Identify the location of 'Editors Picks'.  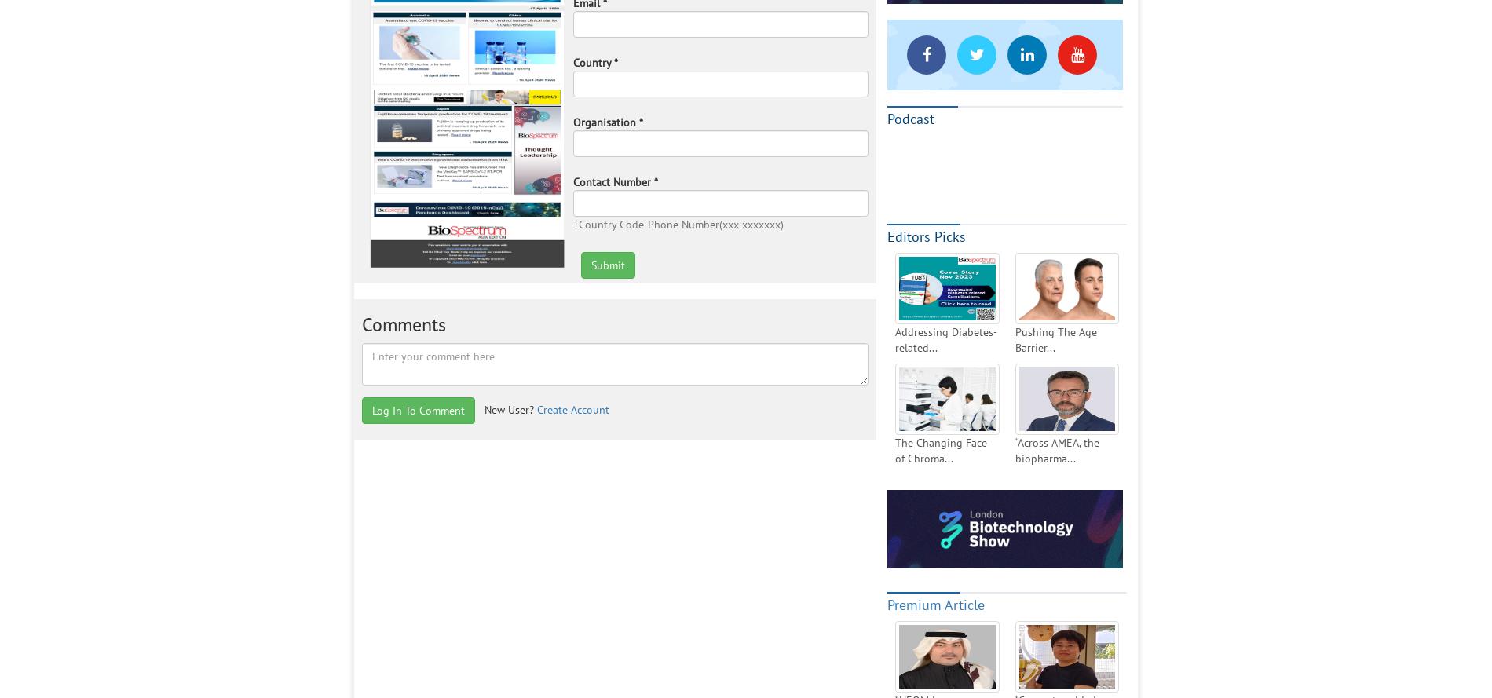
(927, 236).